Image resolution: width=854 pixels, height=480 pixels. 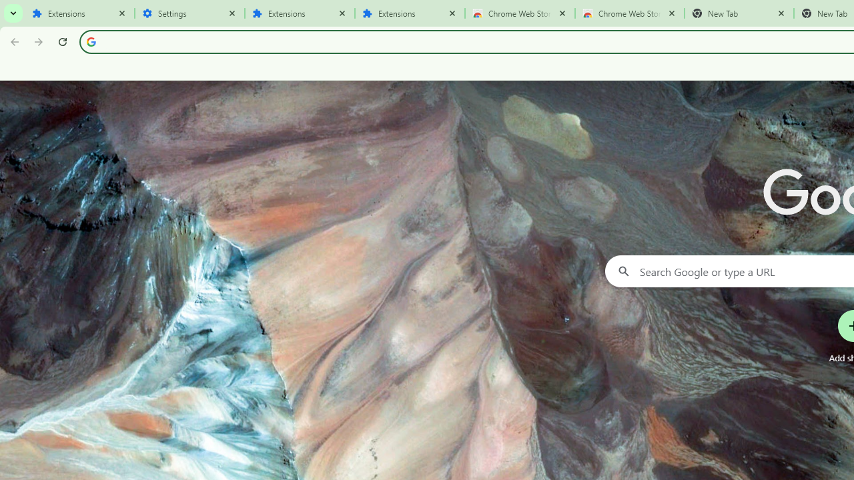 I want to click on 'Chrome Web Store - Themes', so click(x=629, y=13).